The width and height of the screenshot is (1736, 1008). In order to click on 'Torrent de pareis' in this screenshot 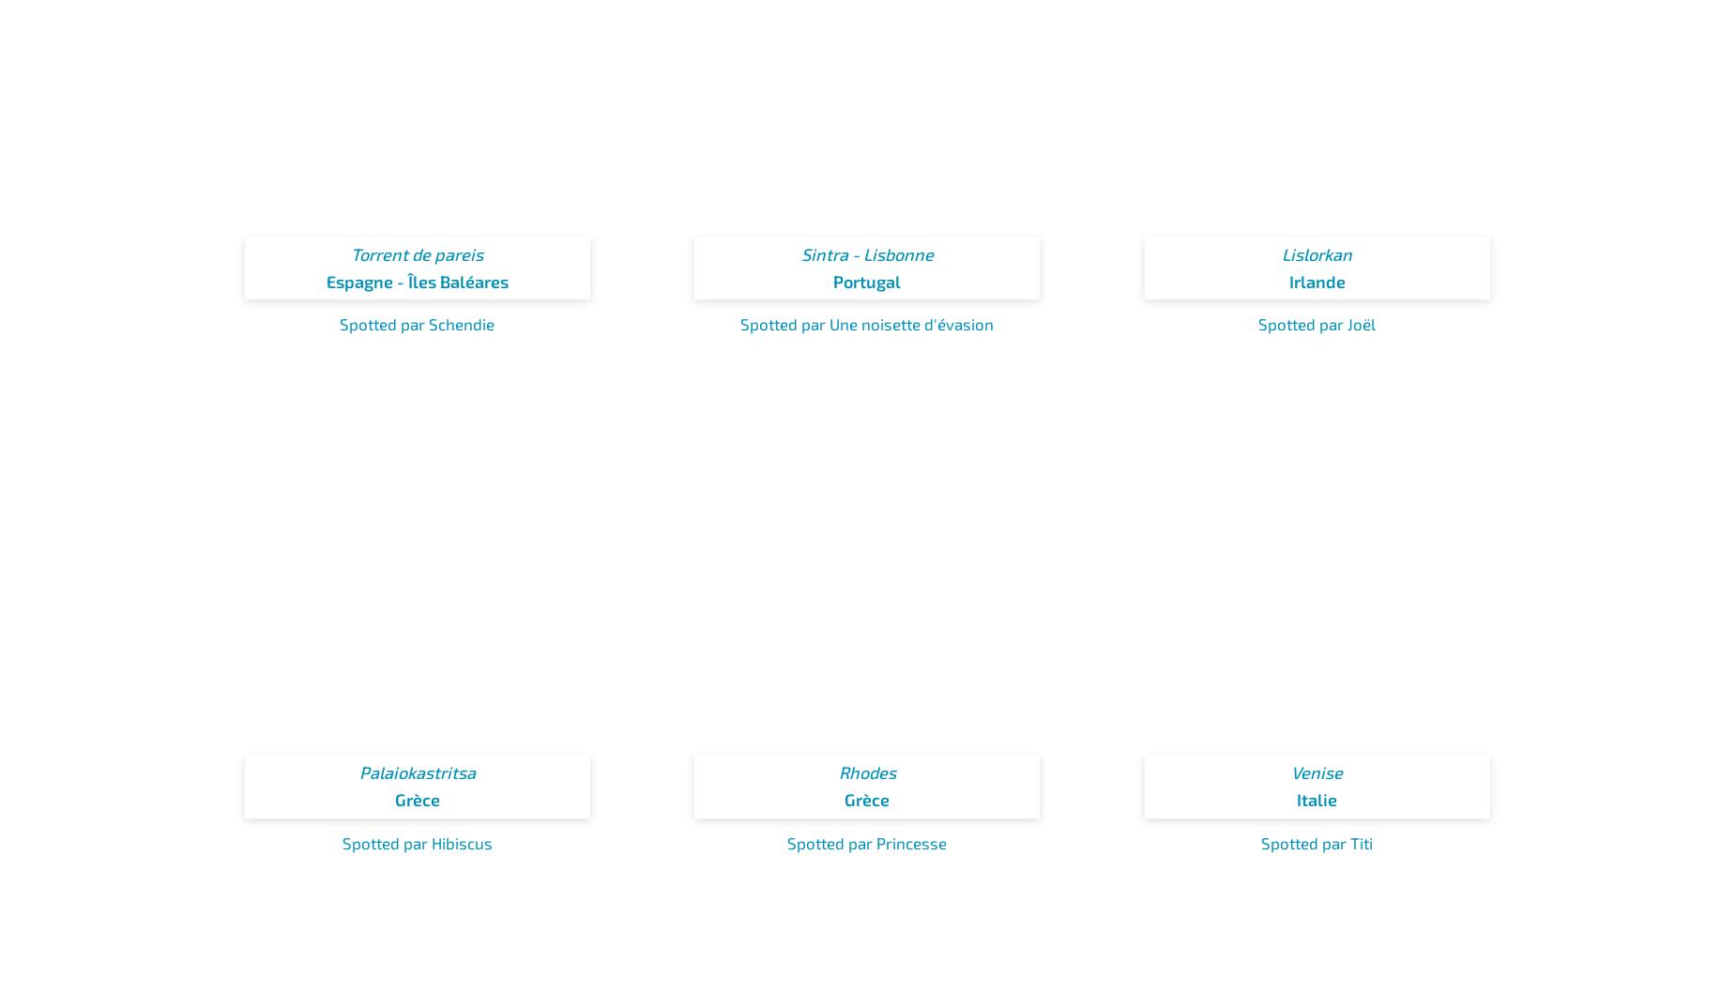, I will do `click(416, 253)`.